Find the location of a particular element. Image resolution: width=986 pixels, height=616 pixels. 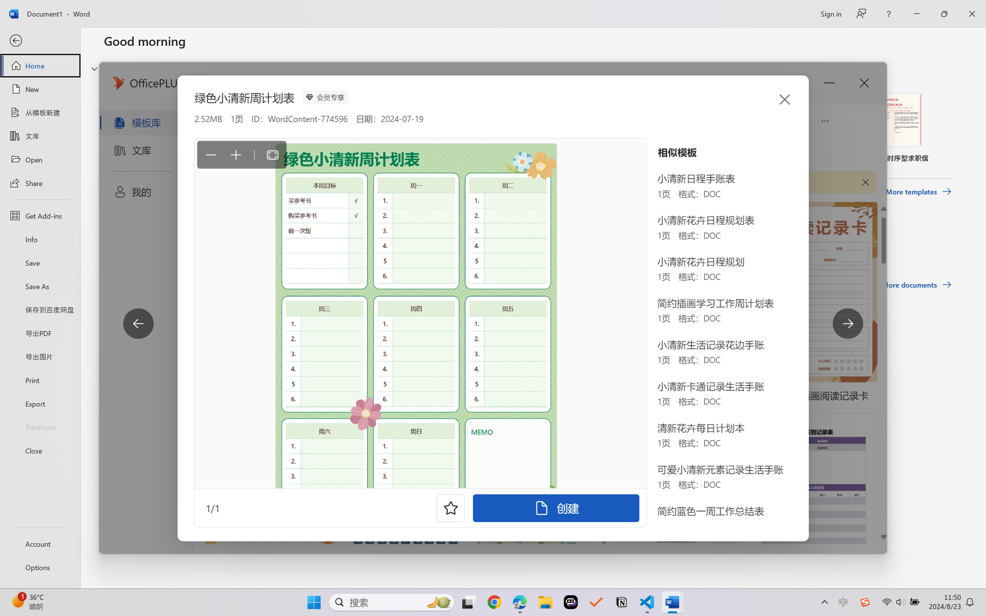

'Info' is located at coordinates (40, 239).